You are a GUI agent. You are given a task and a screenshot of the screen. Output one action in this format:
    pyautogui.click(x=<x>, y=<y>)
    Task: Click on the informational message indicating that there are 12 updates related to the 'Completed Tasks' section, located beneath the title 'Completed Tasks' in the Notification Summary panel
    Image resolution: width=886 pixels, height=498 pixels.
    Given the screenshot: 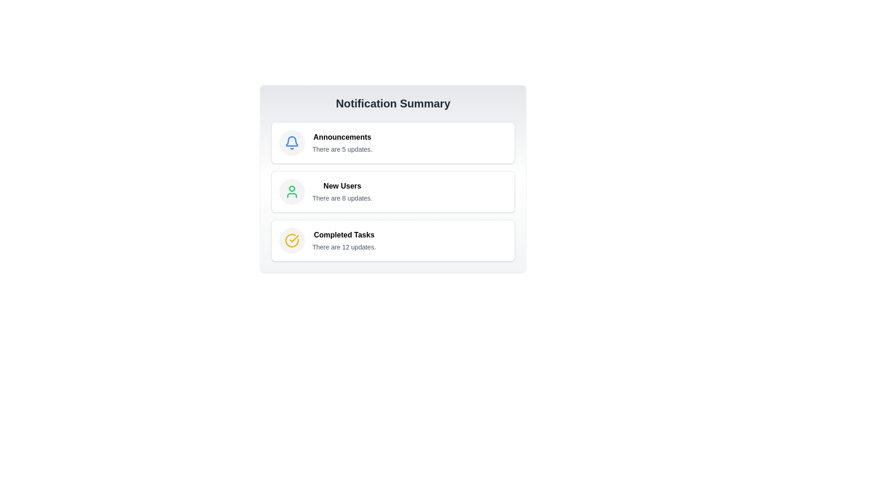 What is the action you would take?
    pyautogui.click(x=343, y=247)
    